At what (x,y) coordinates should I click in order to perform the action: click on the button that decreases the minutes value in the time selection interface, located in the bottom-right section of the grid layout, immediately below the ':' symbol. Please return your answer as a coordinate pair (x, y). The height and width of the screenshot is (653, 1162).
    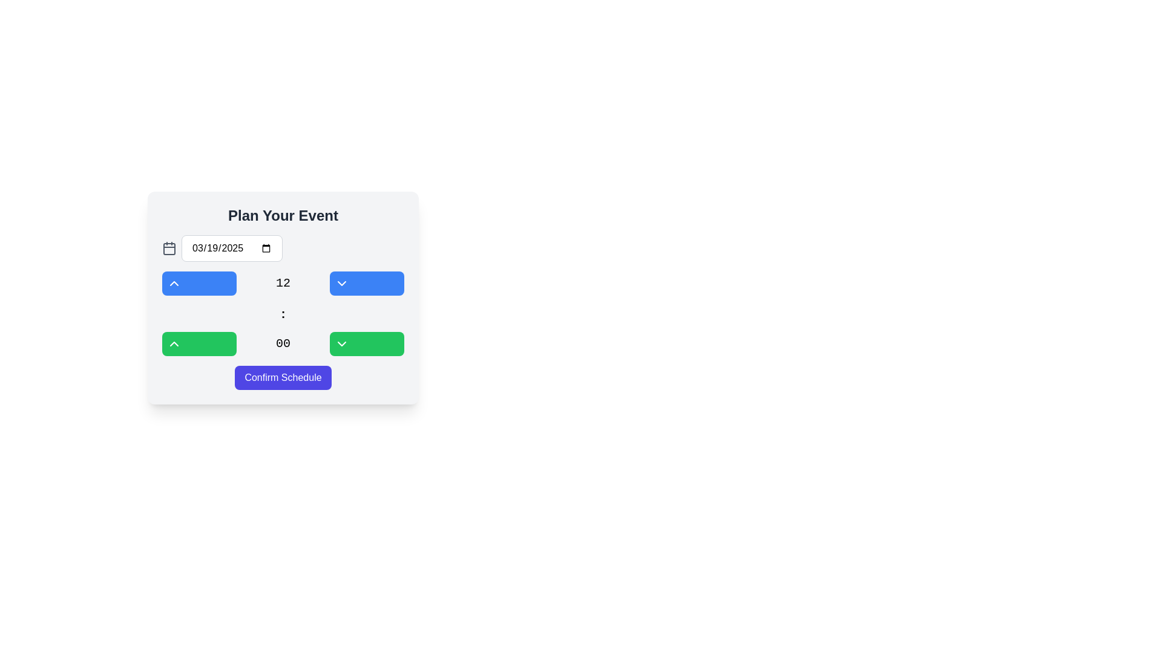
    Looking at the image, I should click on (366, 344).